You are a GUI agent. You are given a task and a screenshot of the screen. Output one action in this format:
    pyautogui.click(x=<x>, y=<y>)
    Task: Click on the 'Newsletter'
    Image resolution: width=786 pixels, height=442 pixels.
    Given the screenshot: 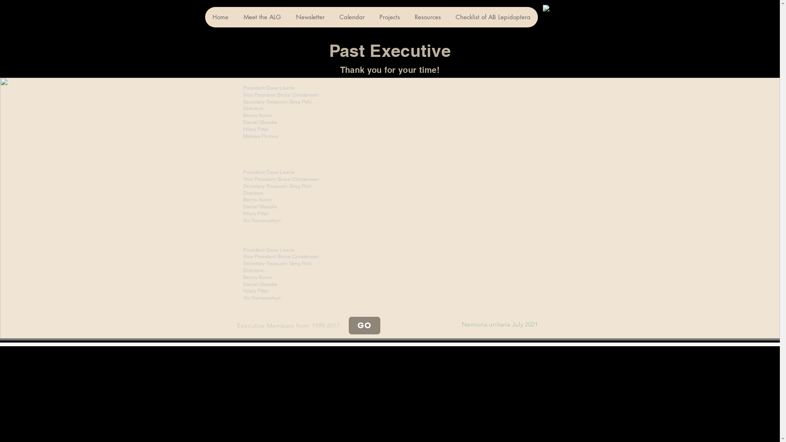 What is the action you would take?
    pyautogui.click(x=309, y=17)
    